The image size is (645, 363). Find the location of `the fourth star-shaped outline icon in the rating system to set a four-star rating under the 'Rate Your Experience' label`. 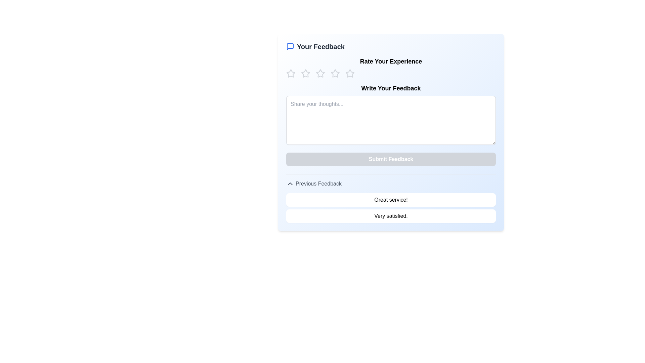

the fourth star-shaped outline icon in the rating system to set a four-star rating under the 'Rate Your Experience' label is located at coordinates (335, 73).